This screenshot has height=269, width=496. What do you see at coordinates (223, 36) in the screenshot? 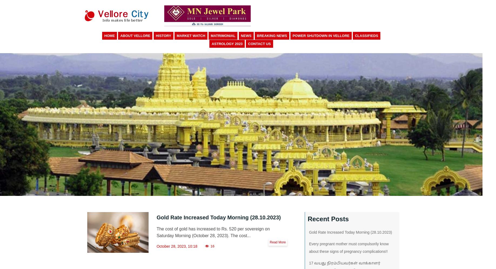
I see `'Matrimonial'` at bounding box center [223, 36].